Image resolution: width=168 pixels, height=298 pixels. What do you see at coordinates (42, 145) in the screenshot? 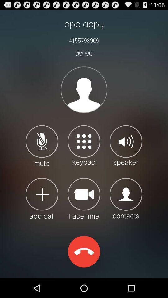
I see `mute` at bounding box center [42, 145].